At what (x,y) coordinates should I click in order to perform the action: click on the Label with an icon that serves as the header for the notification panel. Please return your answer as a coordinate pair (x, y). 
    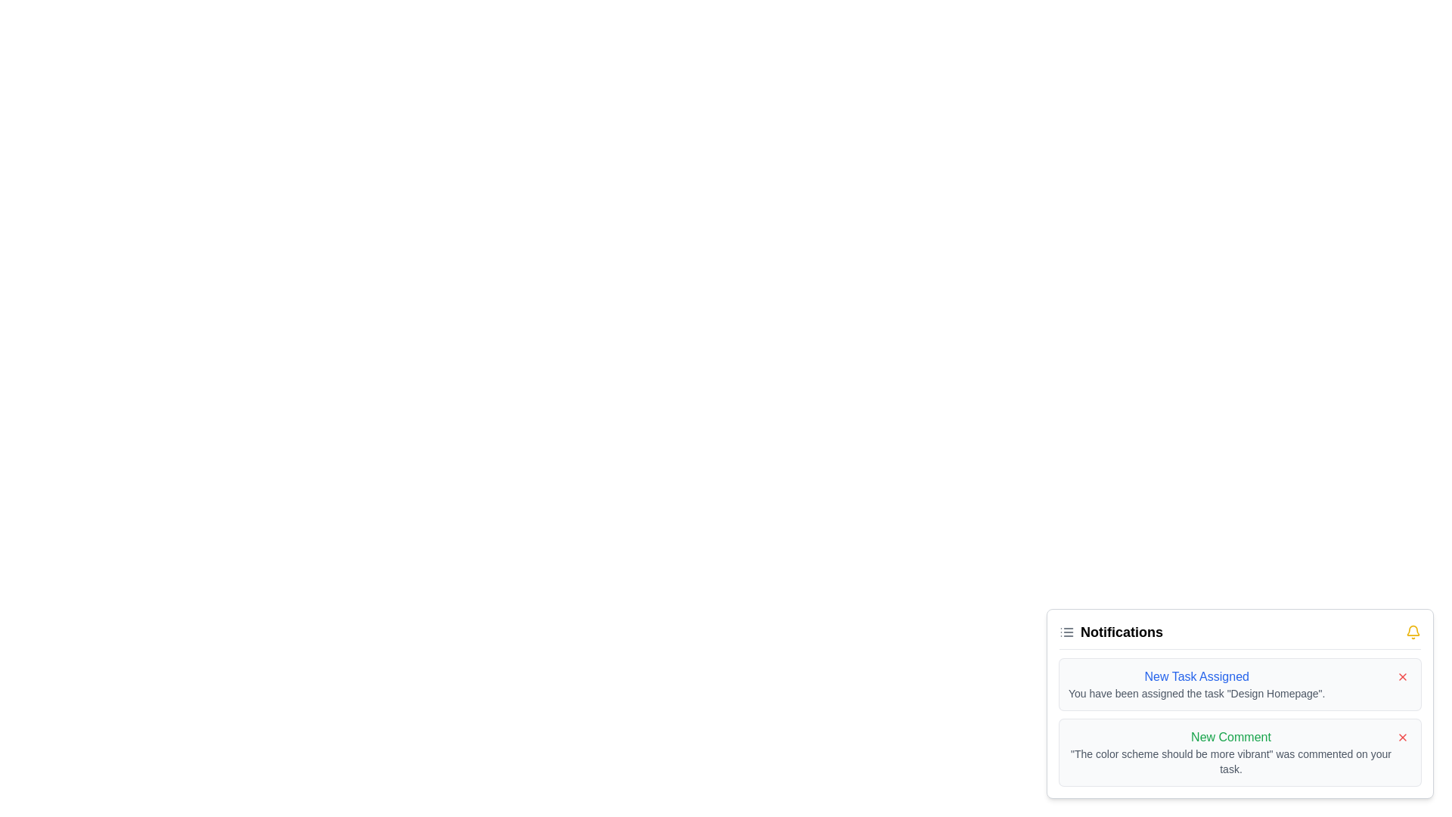
    Looking at the image, I should click on (1111, 632).